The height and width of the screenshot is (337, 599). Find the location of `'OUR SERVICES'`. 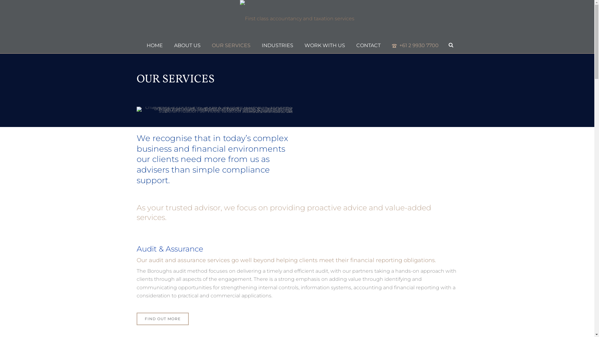

'OUR SERVICES' is located at coordinates (231, 45).